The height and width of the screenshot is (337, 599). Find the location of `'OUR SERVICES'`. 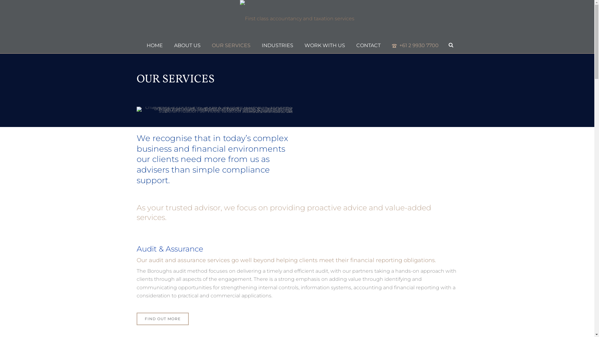

'OUR SERVICES' is located at coordinates (231, 45).